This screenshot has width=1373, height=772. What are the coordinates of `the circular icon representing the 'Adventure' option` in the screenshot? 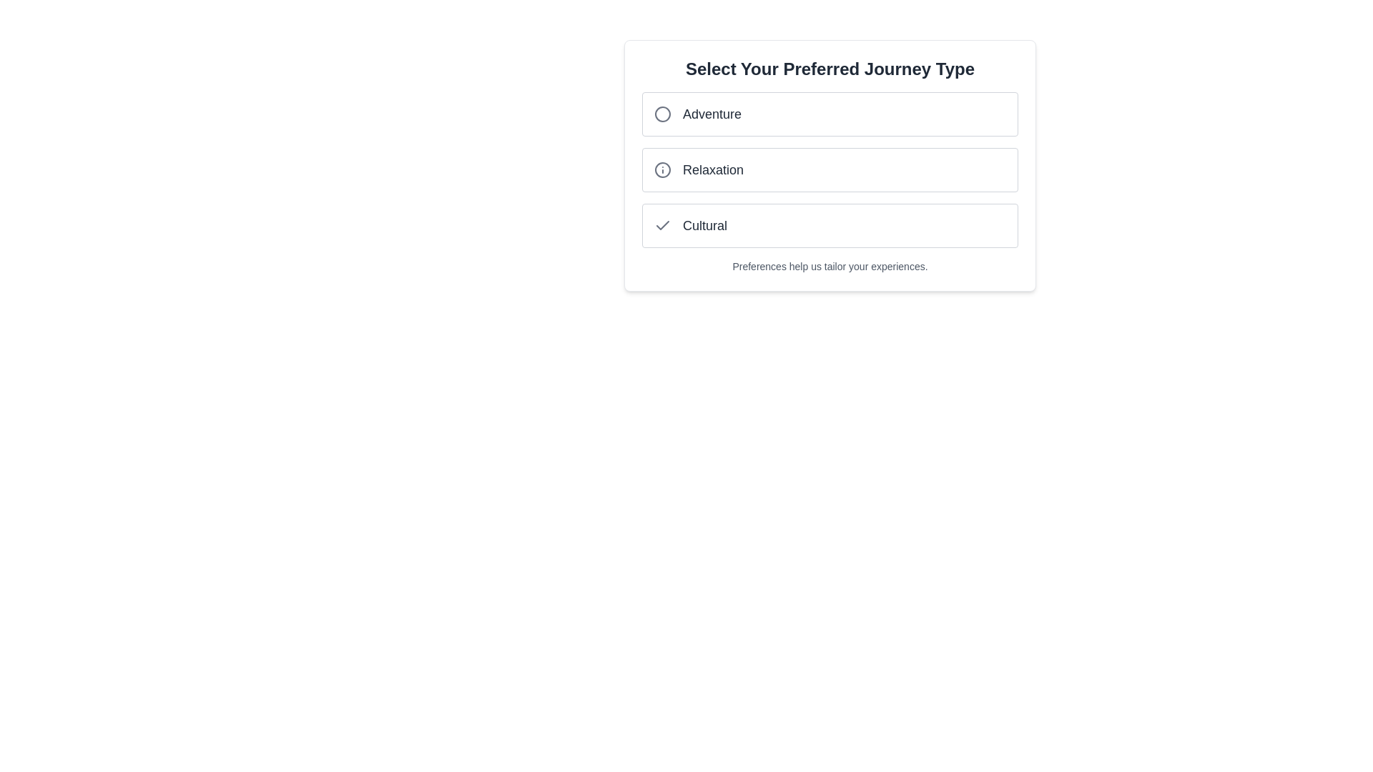 It's located at (661, 113).